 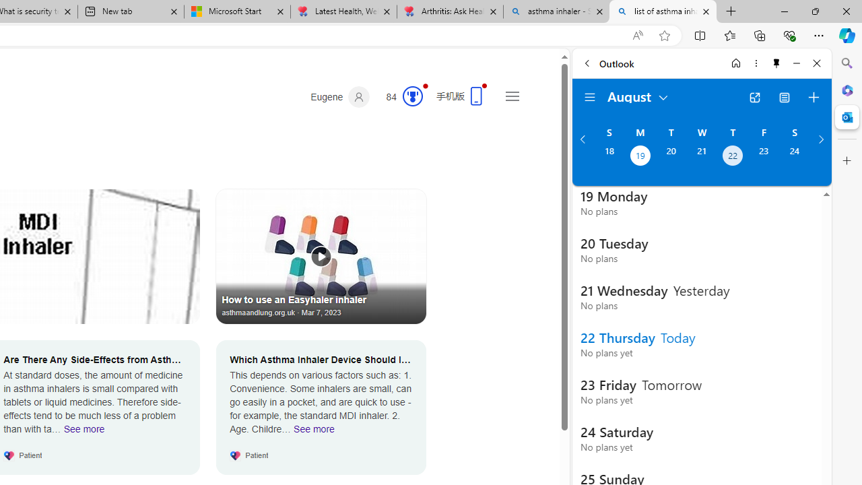 I want to click on 'Monday, August 19, 2024. Date selected. ', so click(x=639, y=156).